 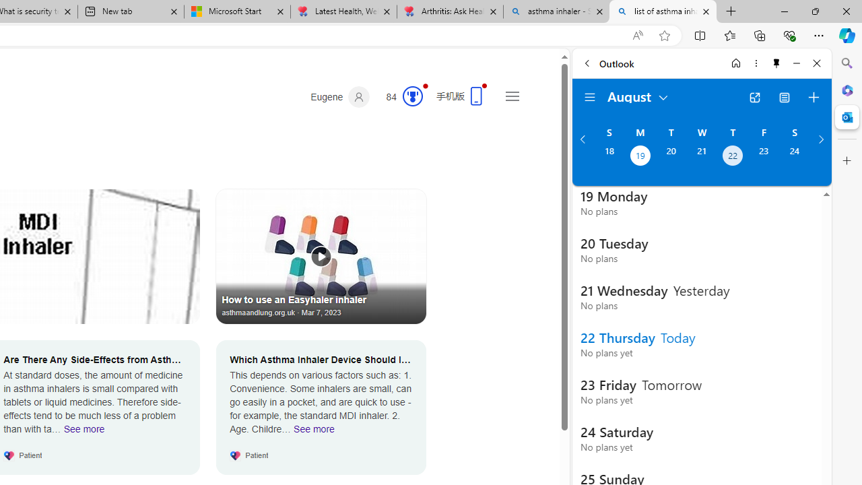 I want to click on 'Monday, August 19, 2024. Date selected. ', so click(x=639, y=156).